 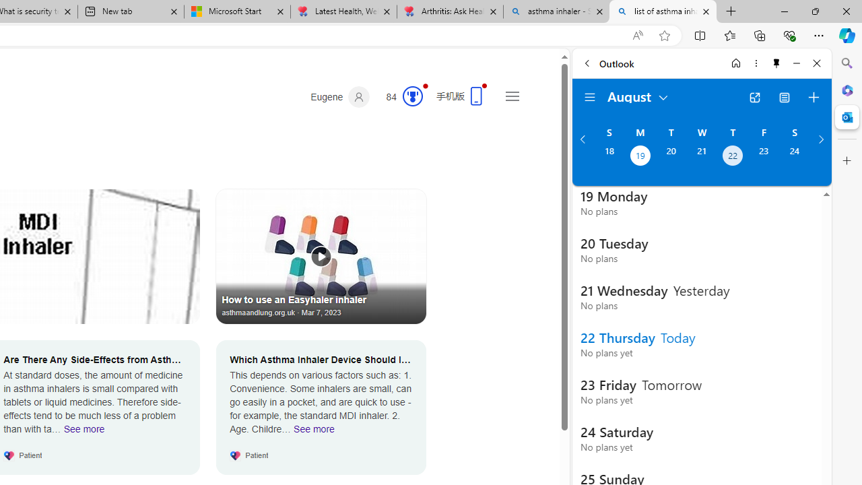 I want to click on 'Monday, August 19, 2024. Date selected. ', so click(x=639, y=156).